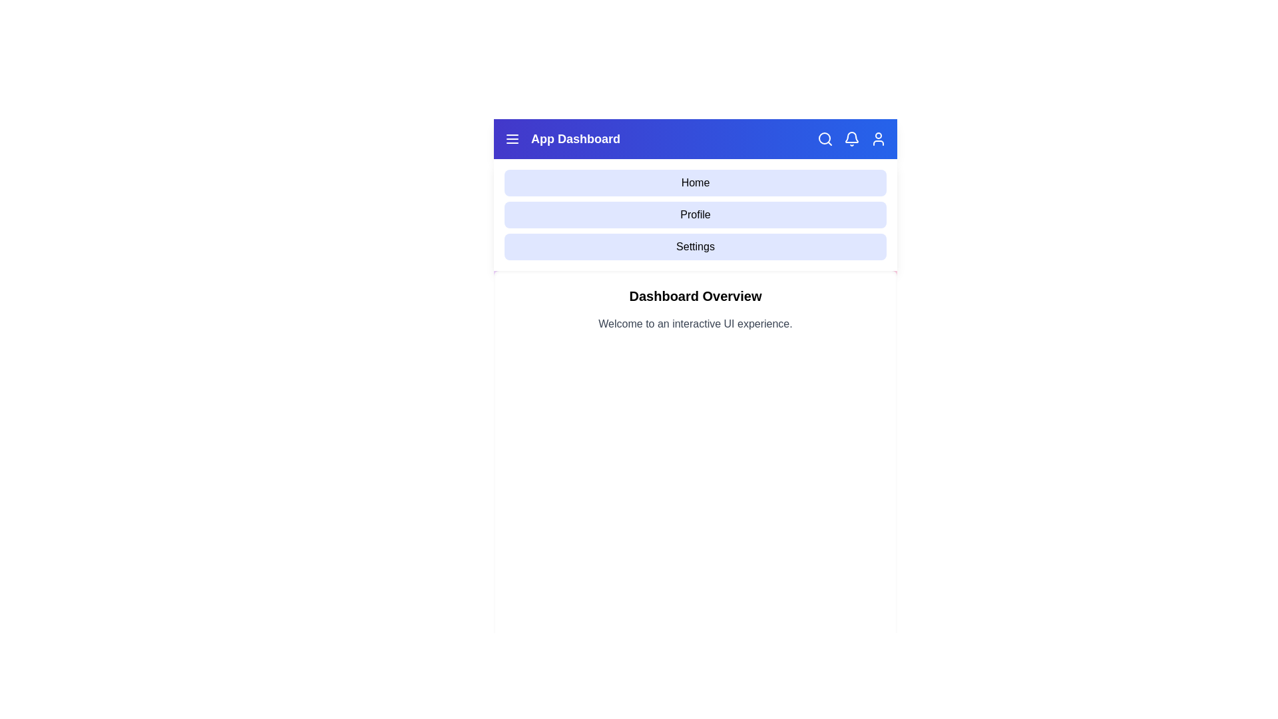 The image size is (1278, 719). I want to click on the 'Home' menu option, so click(695, 182).